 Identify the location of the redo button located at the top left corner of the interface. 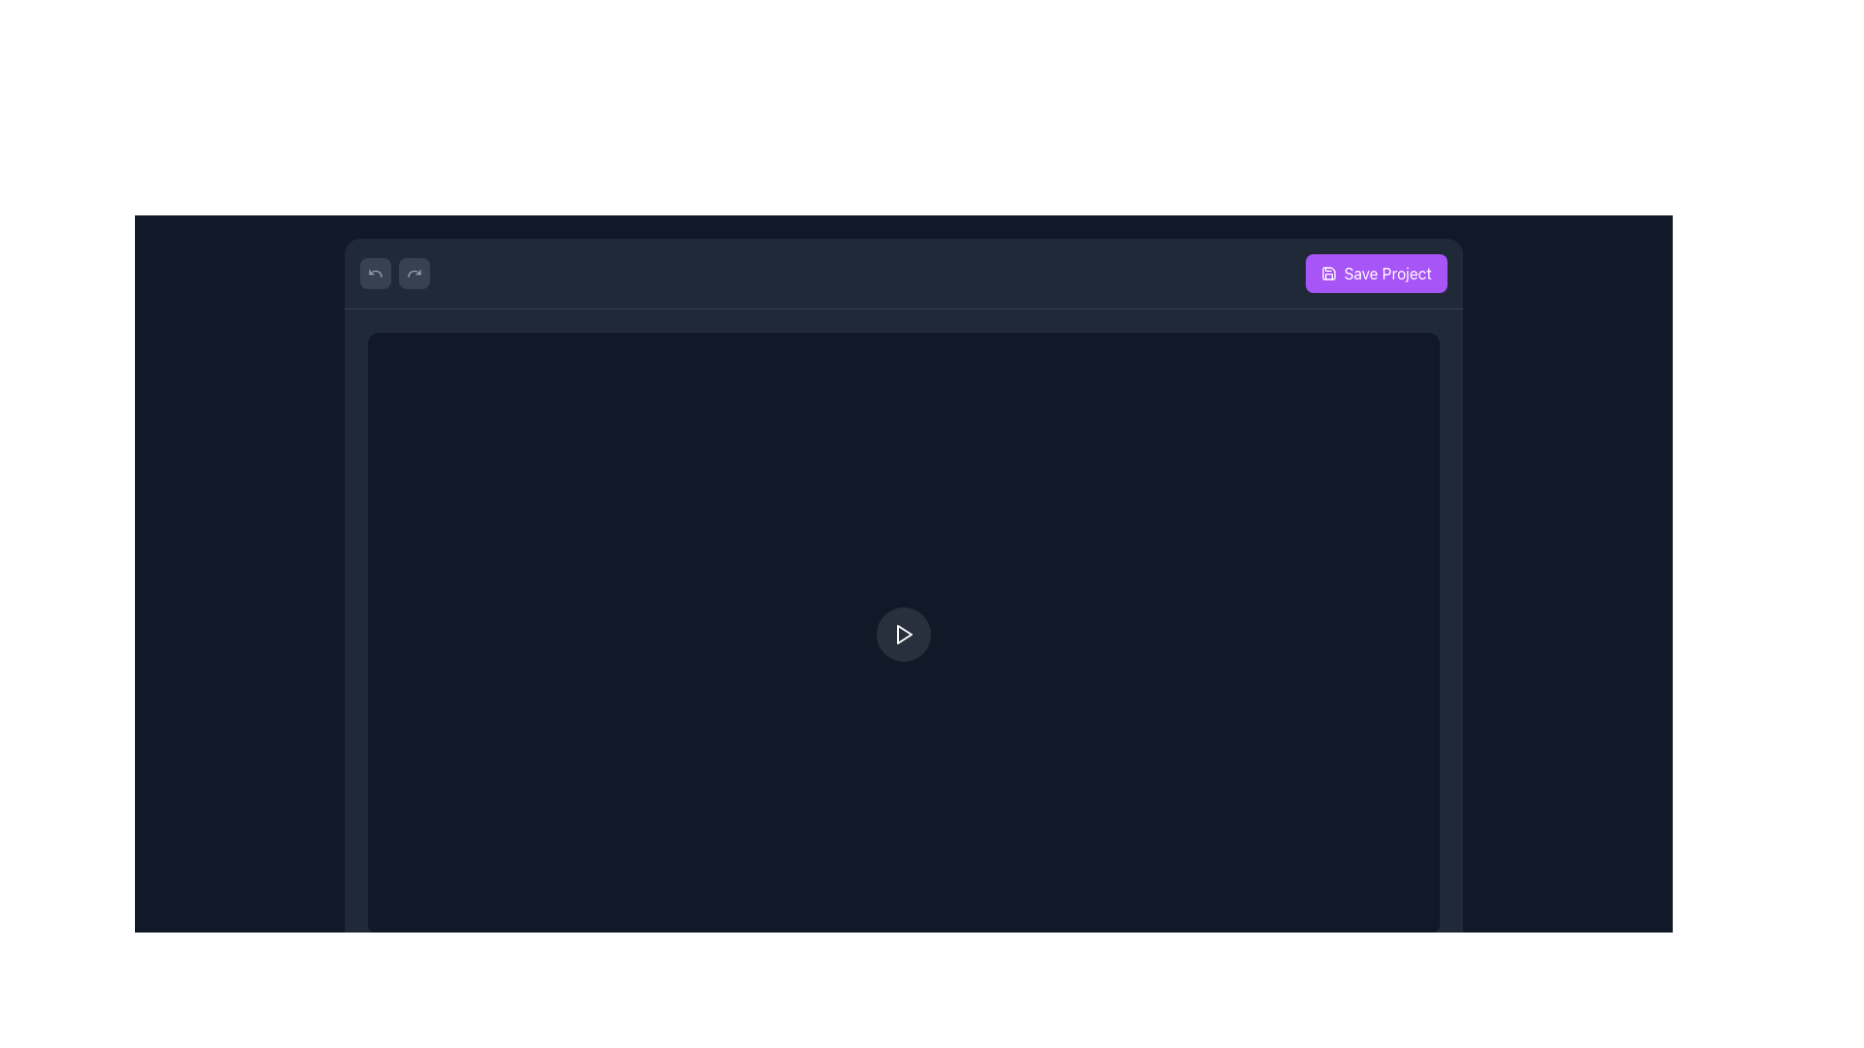
(414, 273).